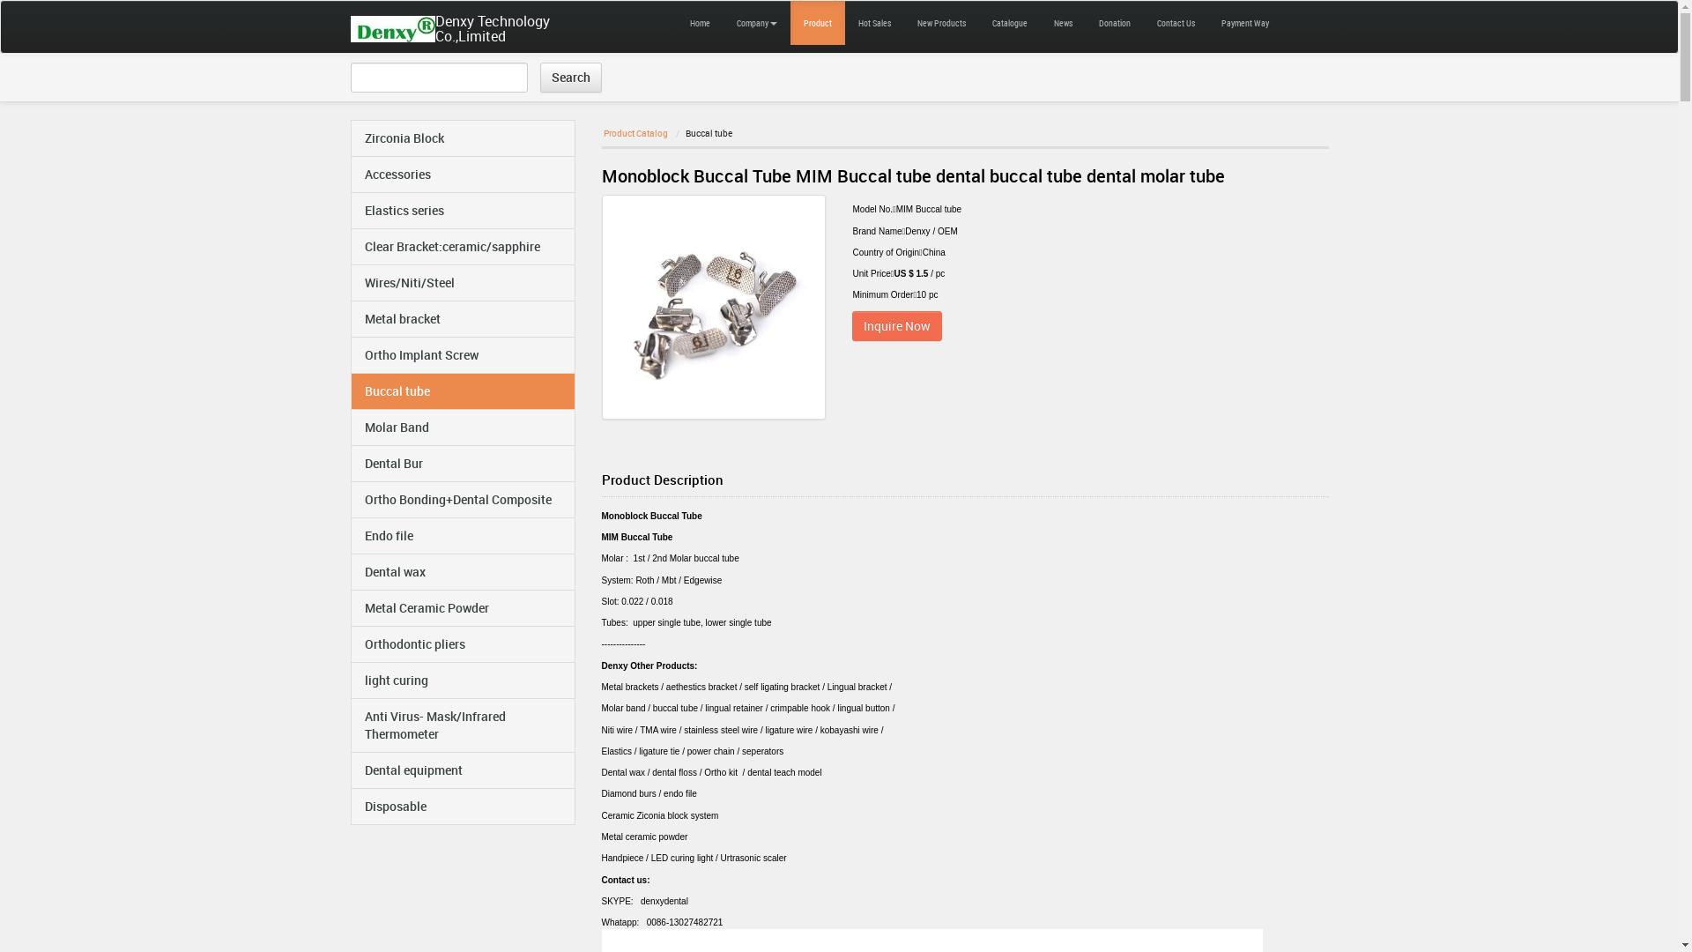 The width and height of the screenshot is (1692, 952). What do you see at coordinates (351, 462) in the screenshot?
I see `'Dental Bur'` at bounding box center [351, 462].